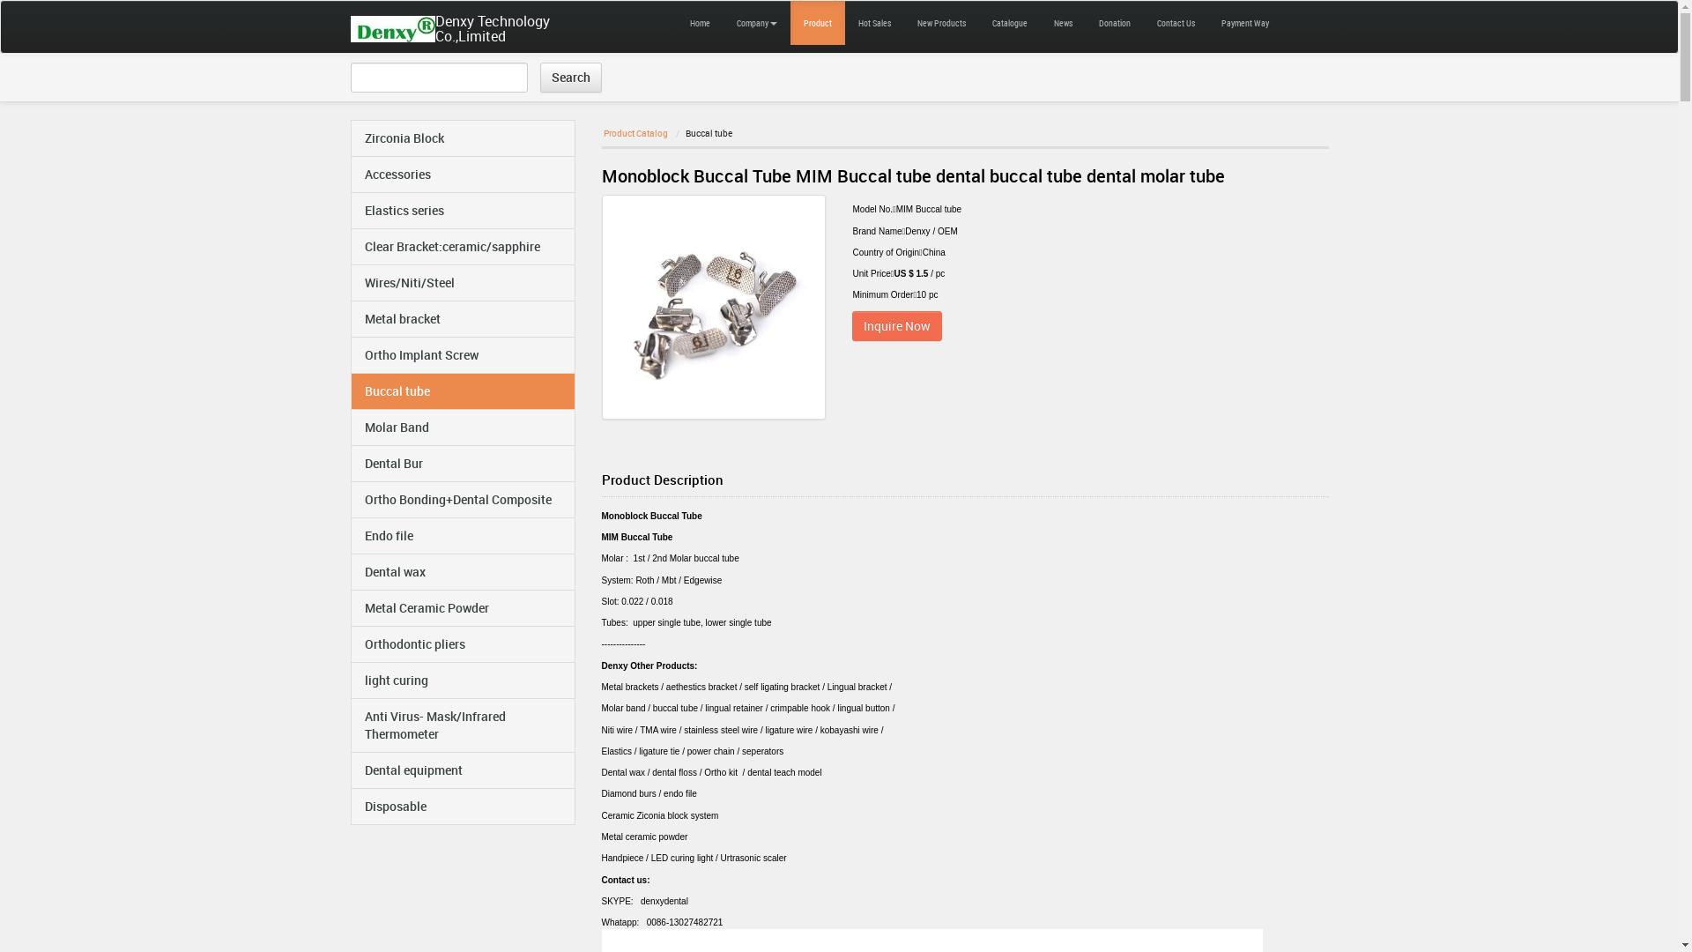 The width and height of the screenshot is (1692, 952). What do you see at coordinates (351, 462) in the screenshot?
I see `'Dental Bur'` at bounding box center [351, 462].